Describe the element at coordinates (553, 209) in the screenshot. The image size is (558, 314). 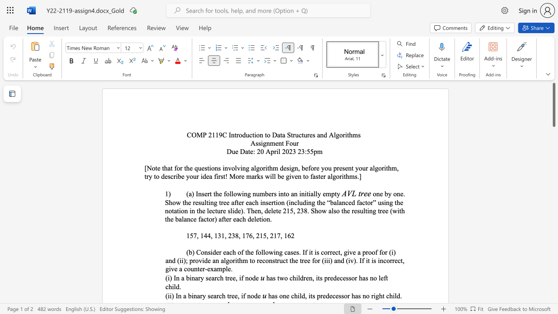
I see `the scrollbar to move the page downward` at that location.